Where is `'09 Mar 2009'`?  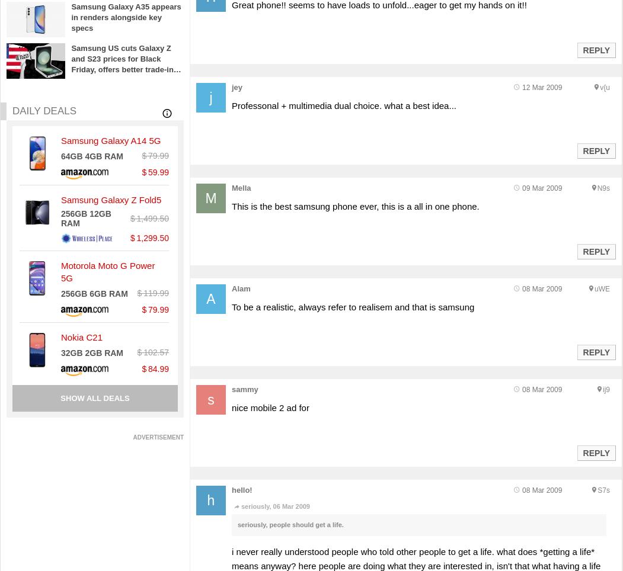
'09 Mar 2009' is located at coordinates (542, 188).